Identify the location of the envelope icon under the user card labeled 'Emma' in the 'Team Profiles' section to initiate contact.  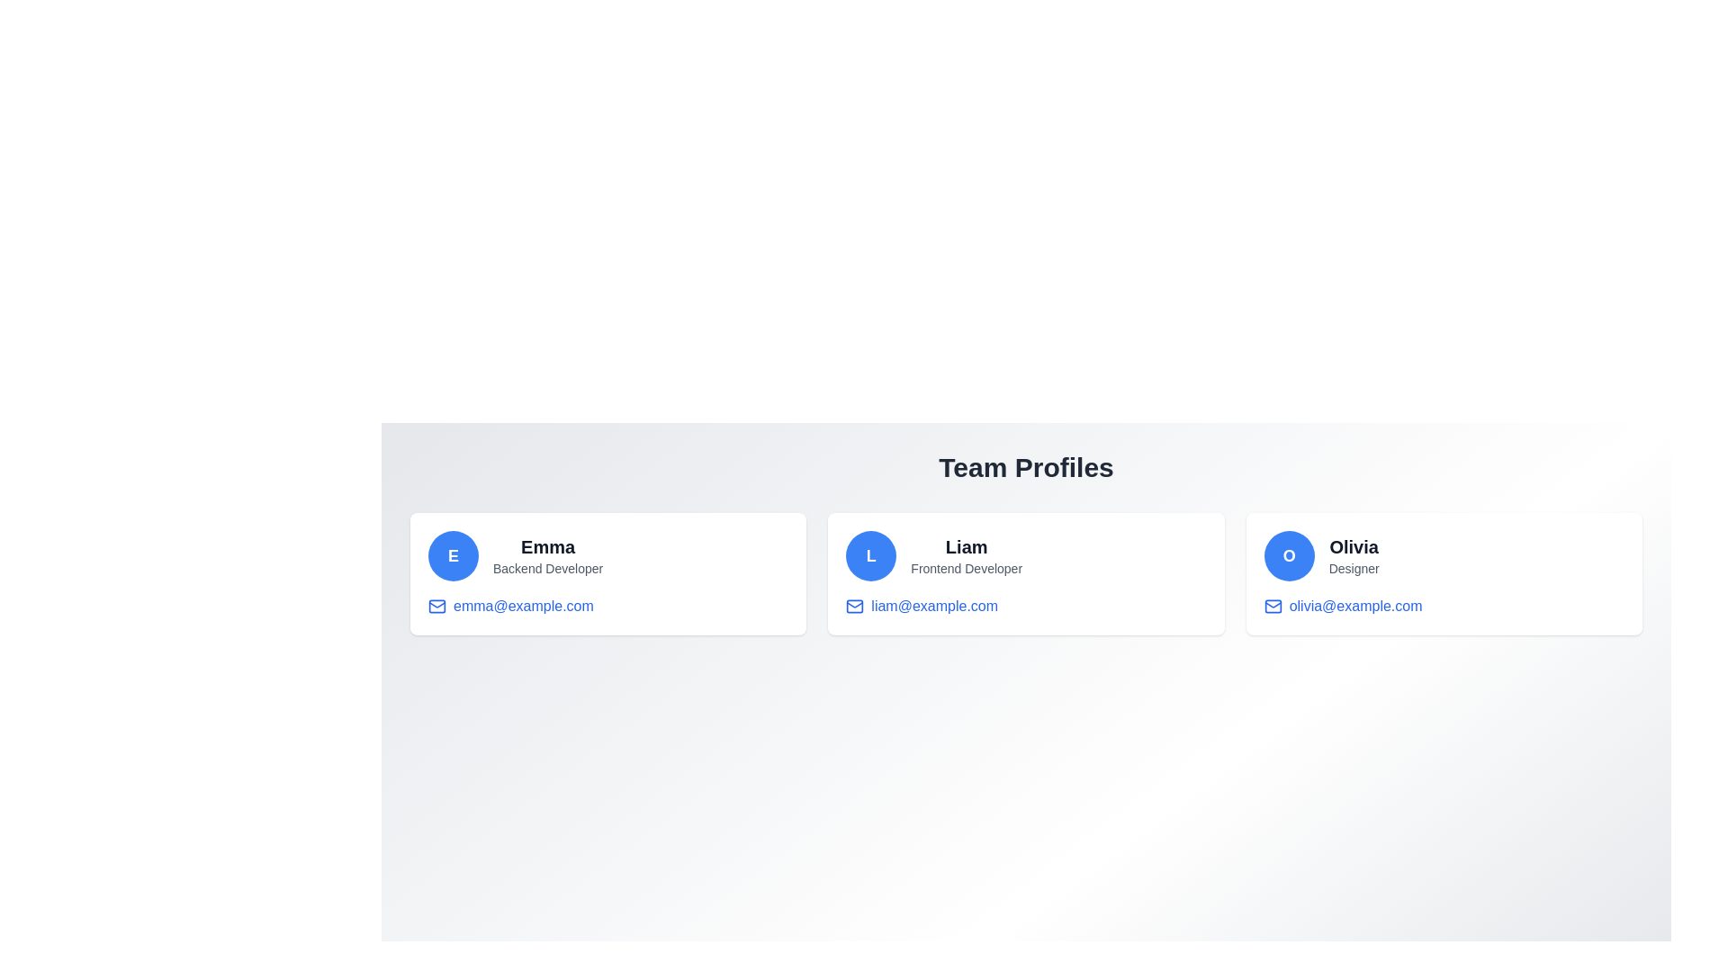
(436, 607).